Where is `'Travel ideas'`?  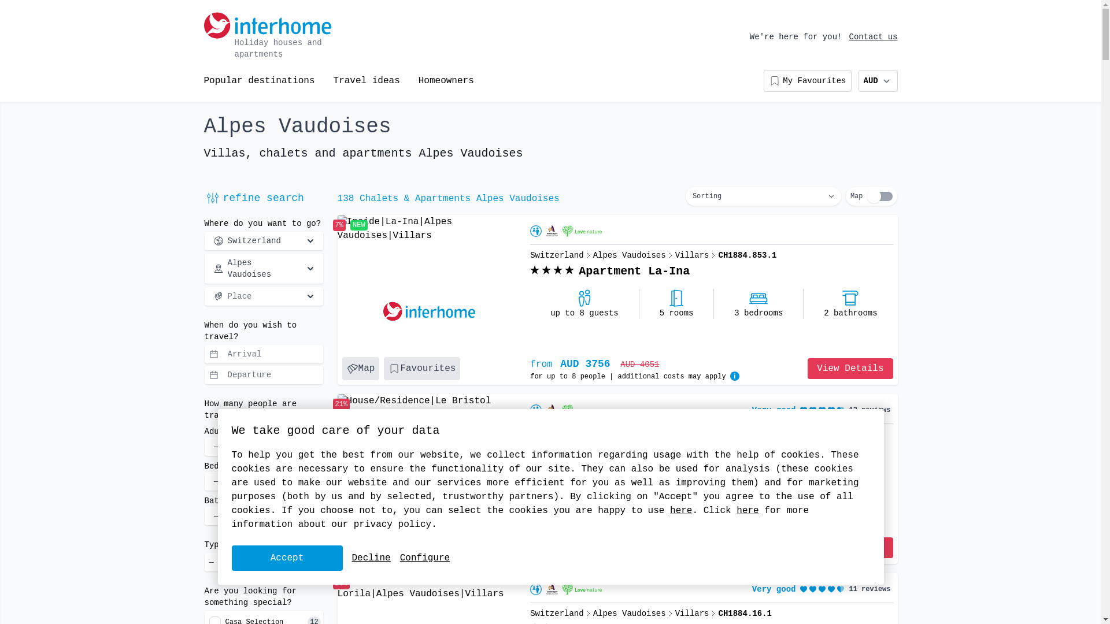
'Travel ideas' is located at coordinates (366, 80).